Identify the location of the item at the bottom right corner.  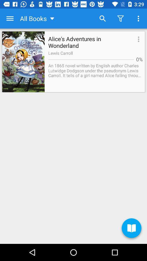
(131, 229).